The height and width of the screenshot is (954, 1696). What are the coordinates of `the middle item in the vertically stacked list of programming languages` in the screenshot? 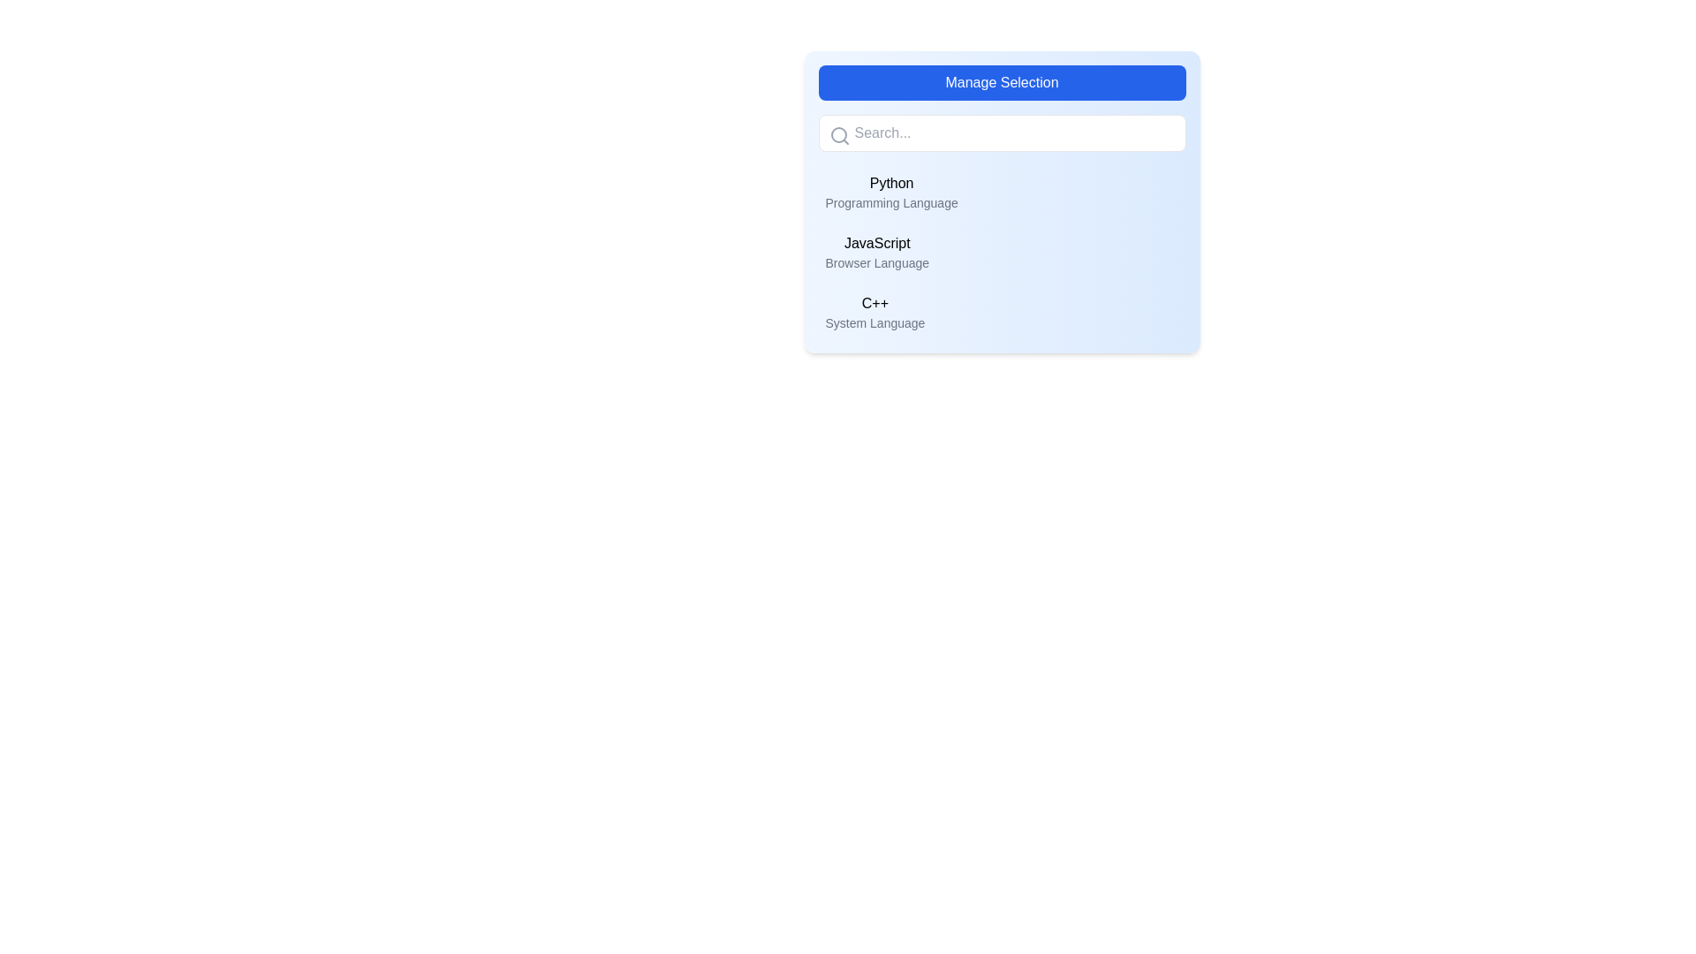 It's located at (1002, 252).